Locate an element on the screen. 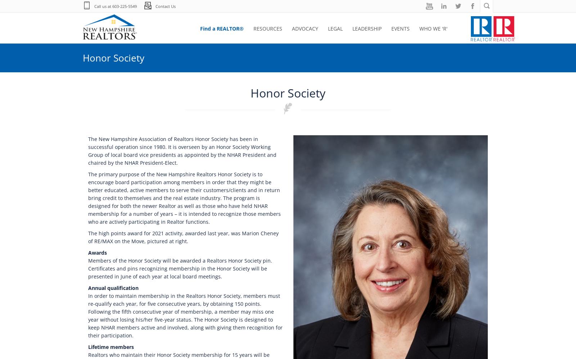 The width and height of the screenshot is (576, 359). 'Members of the Honor Society will be awarded a Realtors Honor Society pin. Certificates and pins recognizing membership in the Honor Society will be presented in June of each year at local board meetings.' is located at coordinates (180, 268).